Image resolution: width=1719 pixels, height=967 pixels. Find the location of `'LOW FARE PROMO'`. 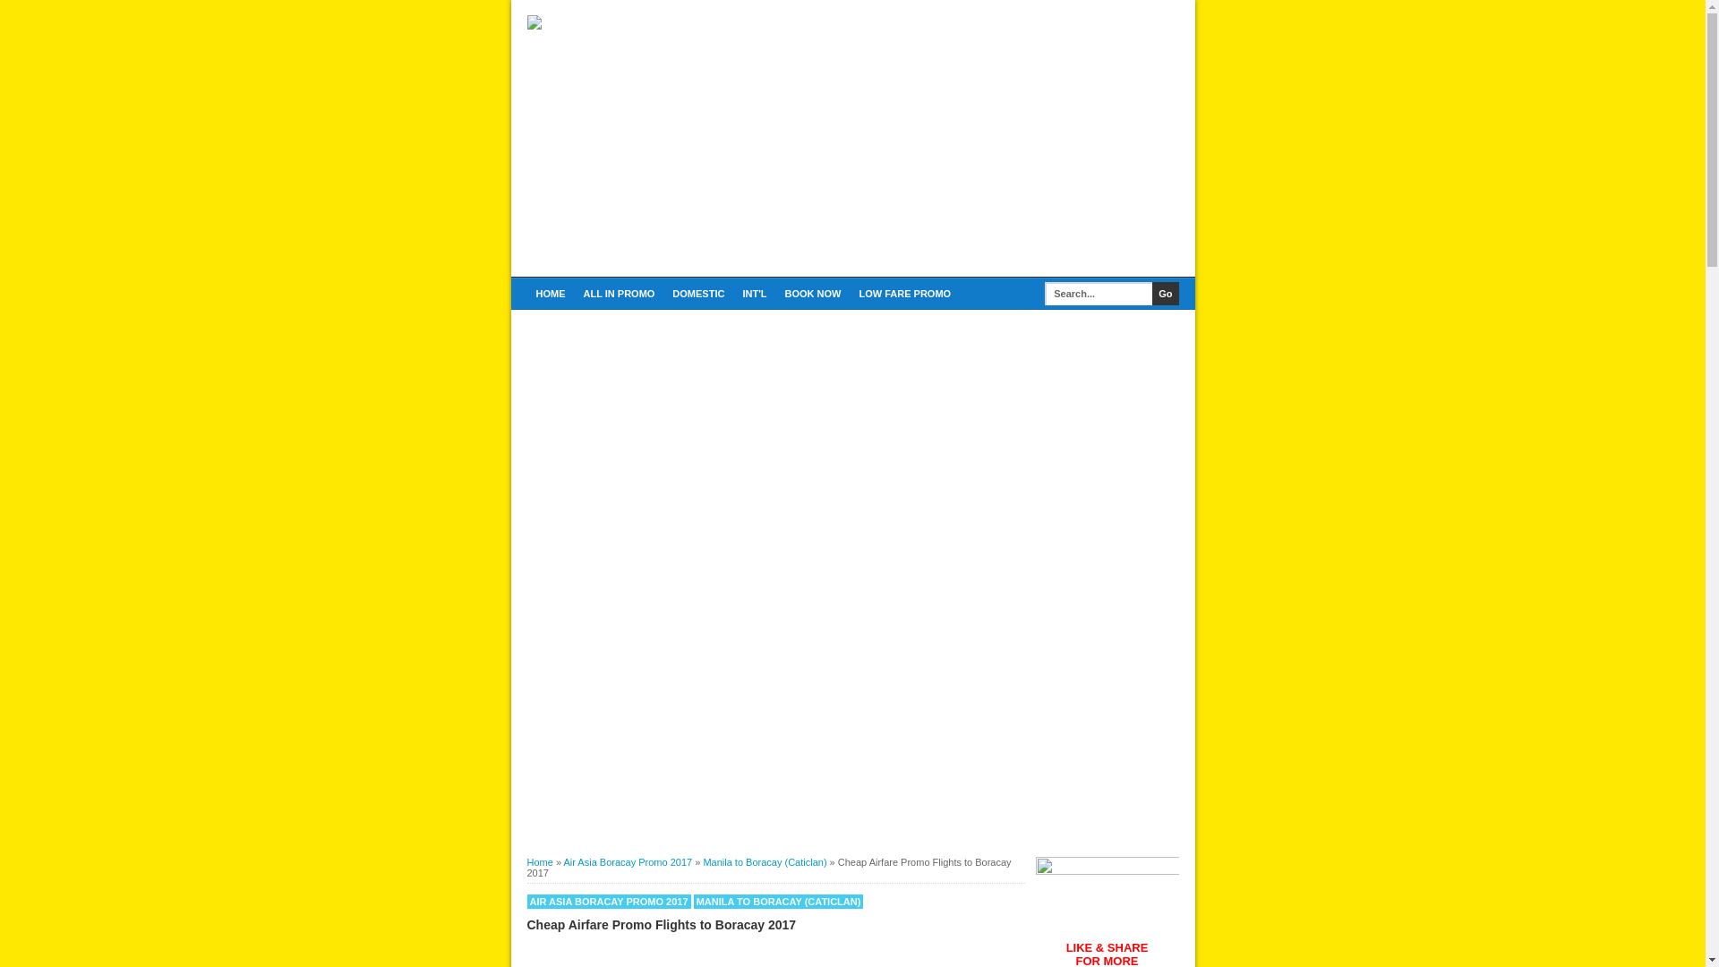

'LOW FARE PROMO' is located at coordinates (904, 292).